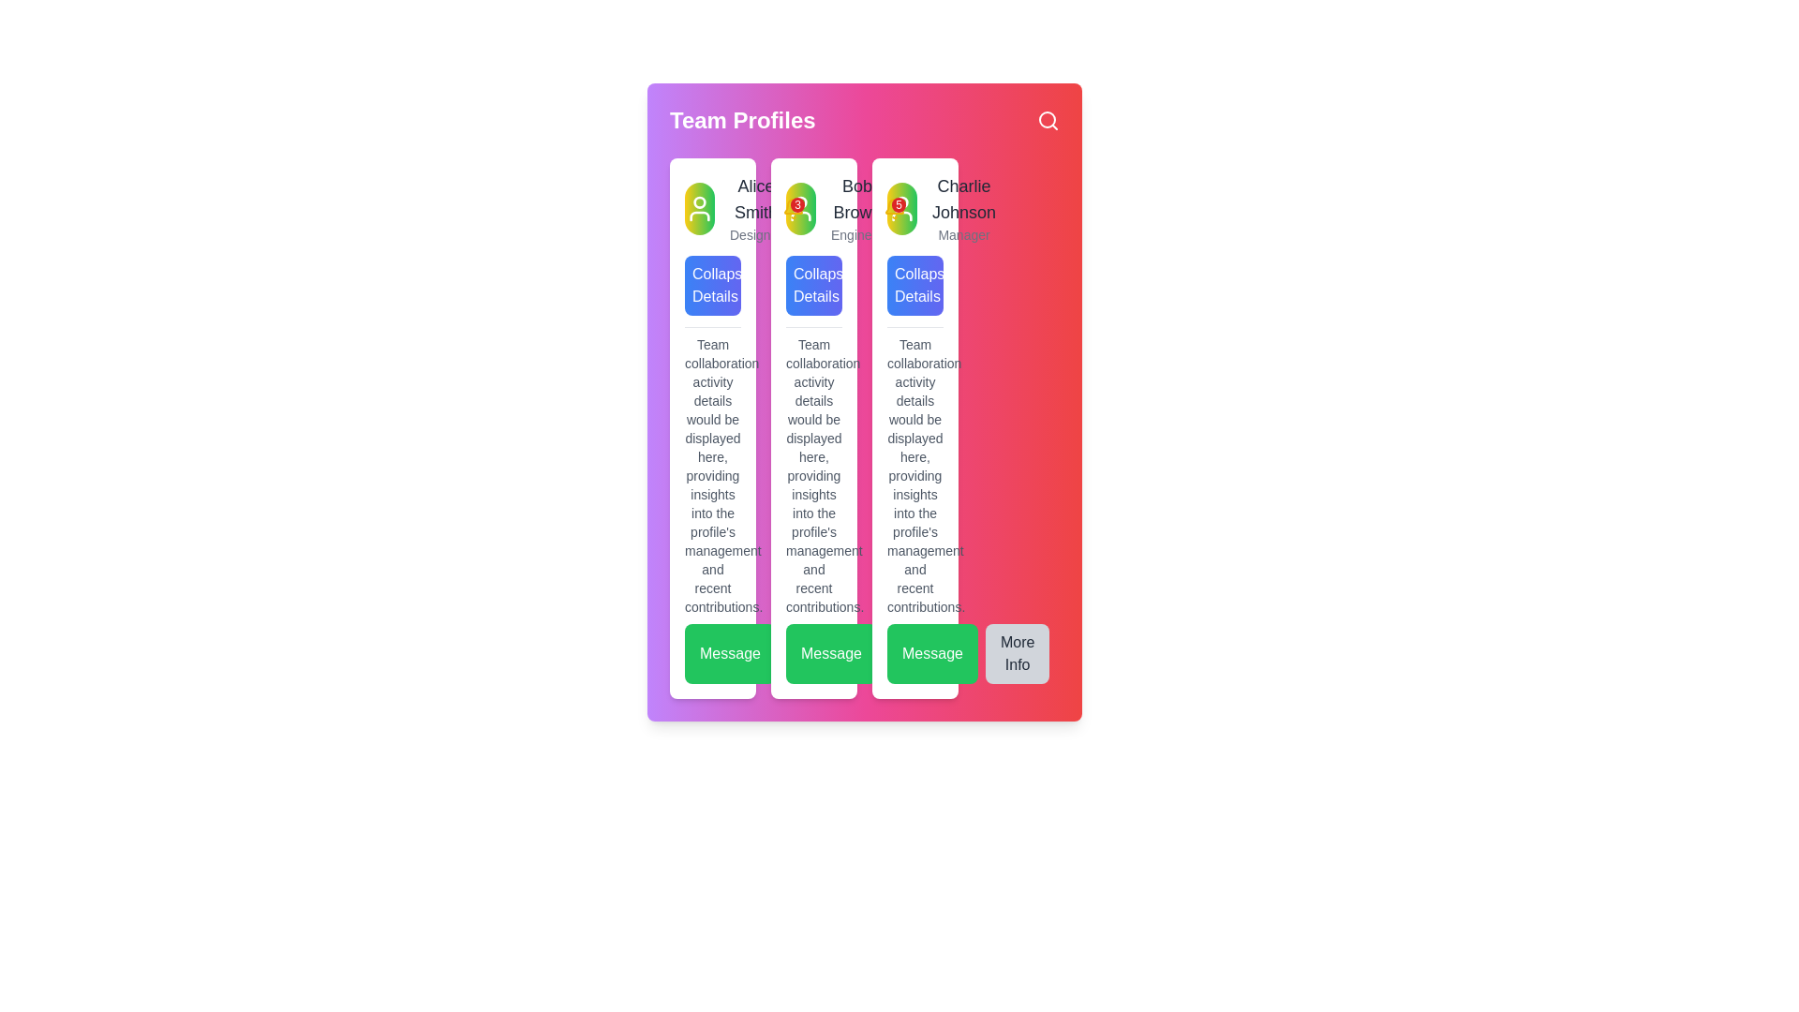 This screenshot has height=1012, width=1799. What do you see at coordinates (800, 209) in the screenshot?
I see `the profile icon located in the uppermost area of the second vertical column from the left in the 'Team Profiles' section, which serves as a visual identifier for the associated individual` at bounding box center [800, 209].